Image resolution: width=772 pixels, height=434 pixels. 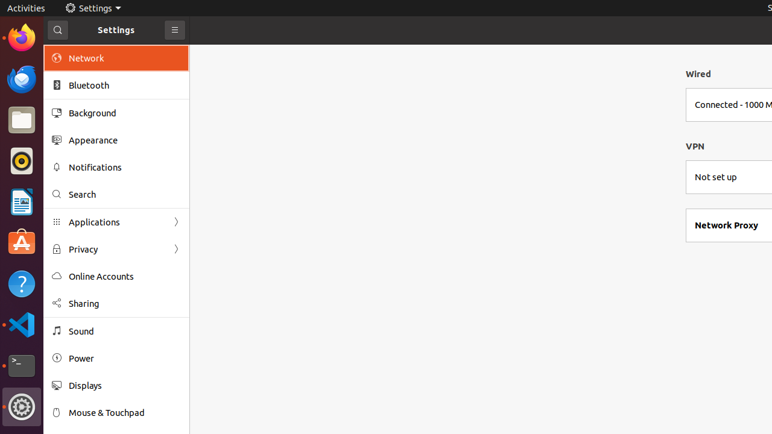 I want to click on 'Activities', so click(x=26, y=8).